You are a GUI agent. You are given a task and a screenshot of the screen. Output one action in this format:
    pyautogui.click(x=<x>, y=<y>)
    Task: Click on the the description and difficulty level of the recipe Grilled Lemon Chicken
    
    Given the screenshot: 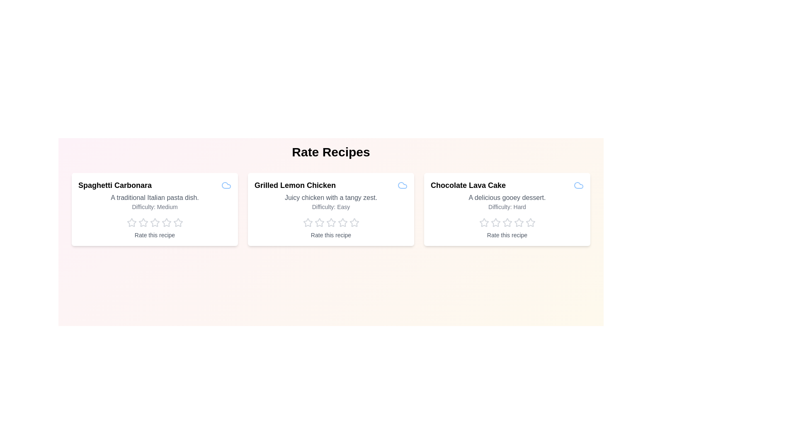 What is the action you would take?
    pyautogui.click(x=330, y=198)
    